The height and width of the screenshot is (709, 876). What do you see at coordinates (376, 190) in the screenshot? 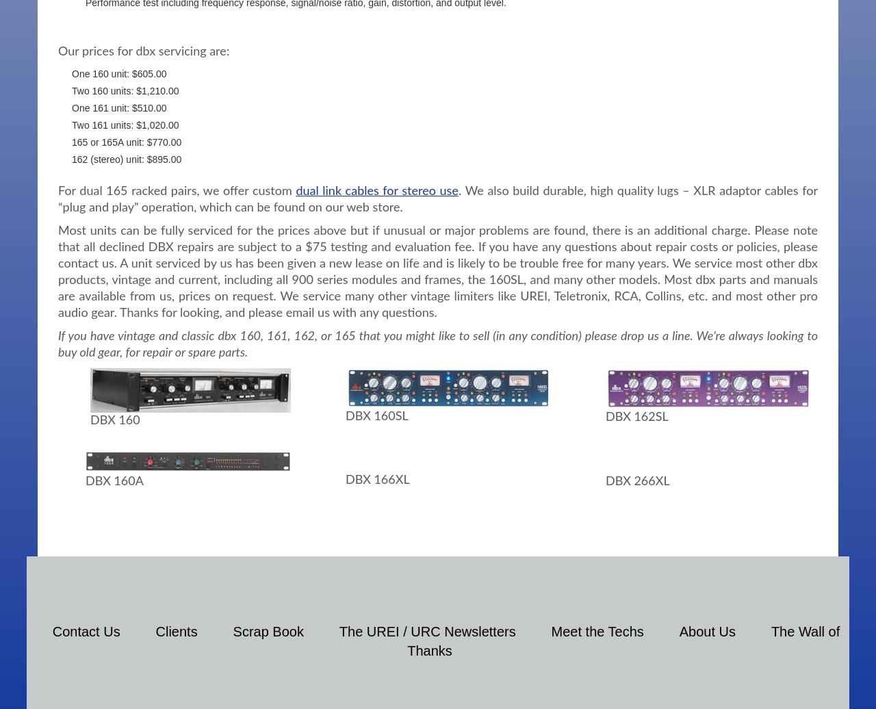
I see `'dual link cables for stereo use'` at bounding box center [376, 190].